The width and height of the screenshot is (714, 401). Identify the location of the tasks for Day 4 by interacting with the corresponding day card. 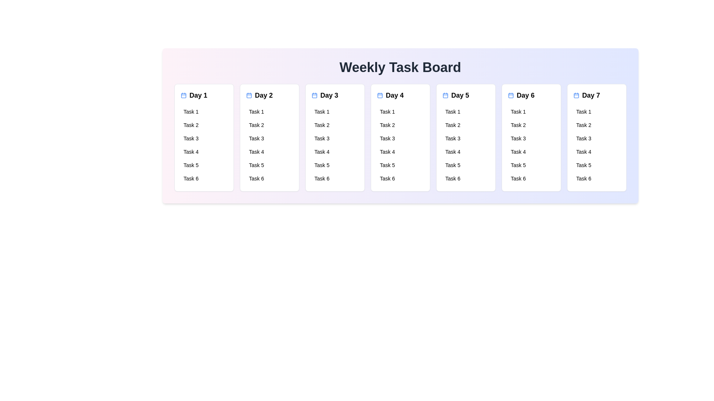
(400, 137).